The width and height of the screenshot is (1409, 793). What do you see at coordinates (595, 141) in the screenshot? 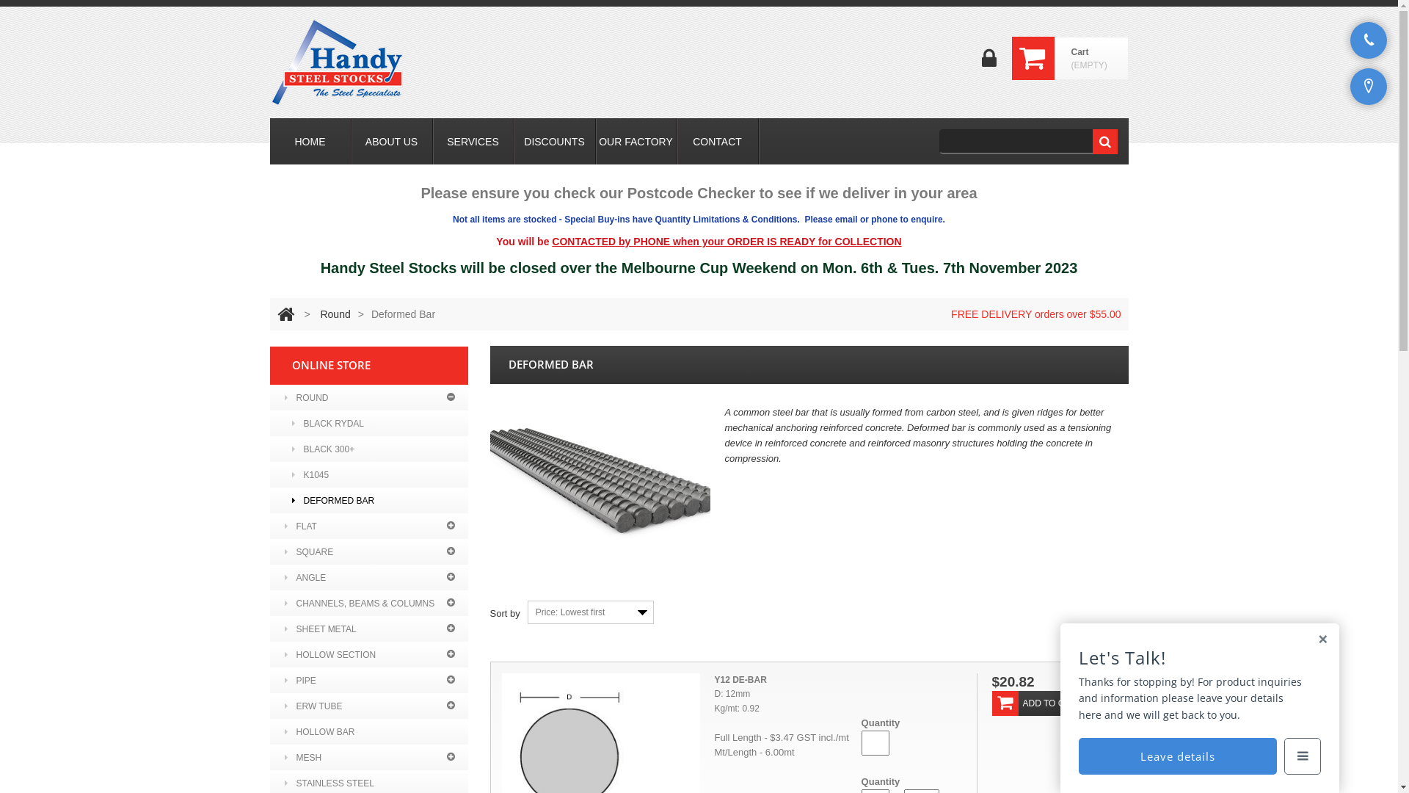
I see `'OUR FACTORY'` at bounding box center [595, 141].